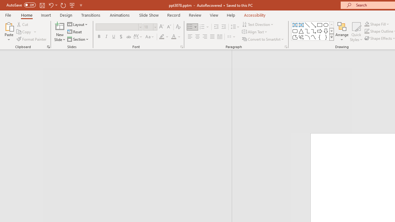 The width and height of the screenshot is (395, 222). What do you see at coordinates (307, 31) in the screenshot?
I see `'Connector: Elbow'` at bounding box center [307, 31].